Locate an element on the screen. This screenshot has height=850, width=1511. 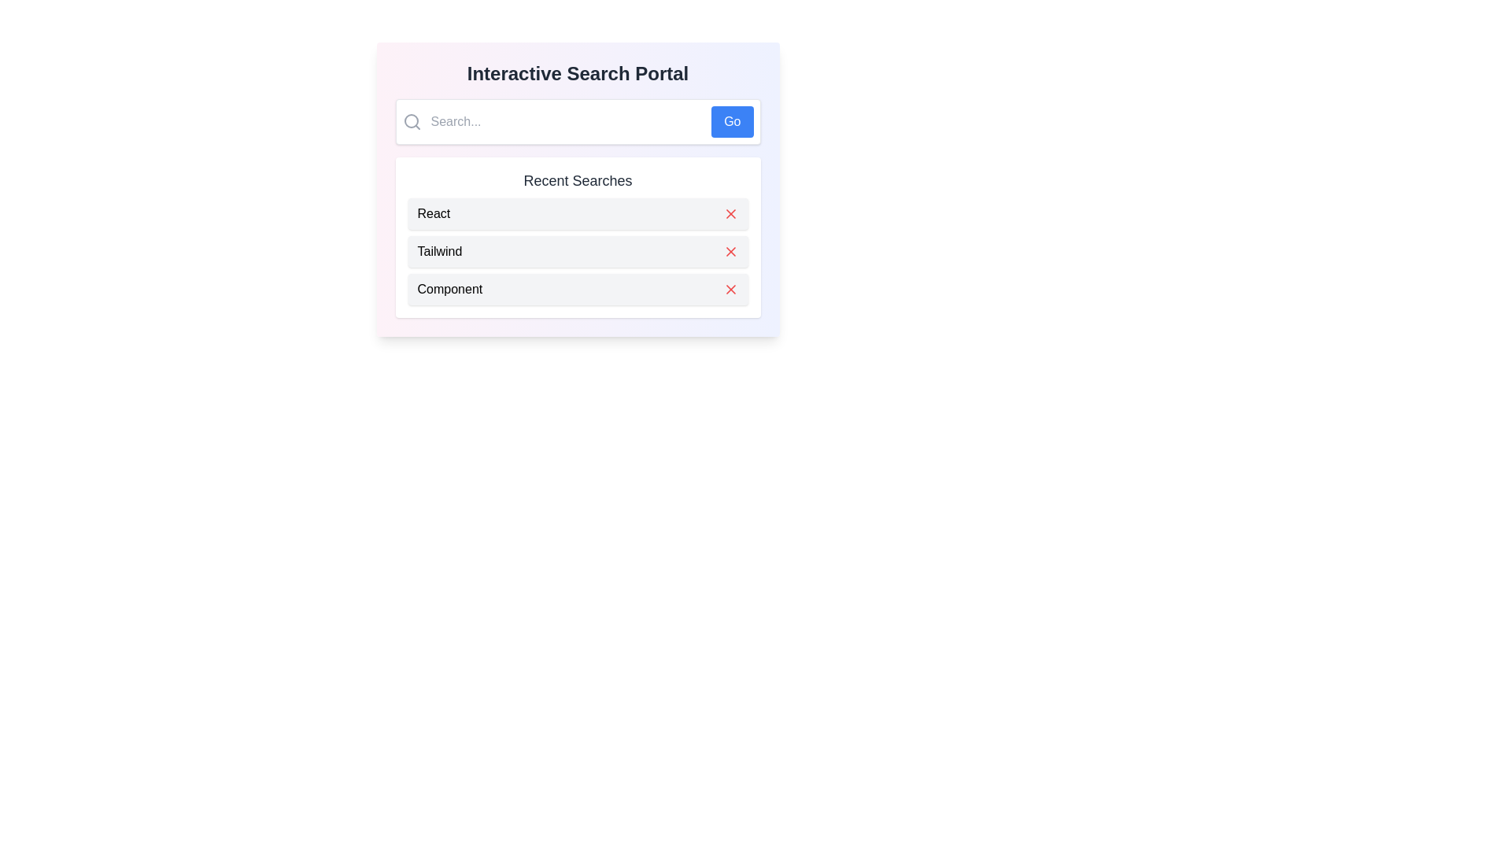
the 'Go' button is located at coordinates (731, 120).